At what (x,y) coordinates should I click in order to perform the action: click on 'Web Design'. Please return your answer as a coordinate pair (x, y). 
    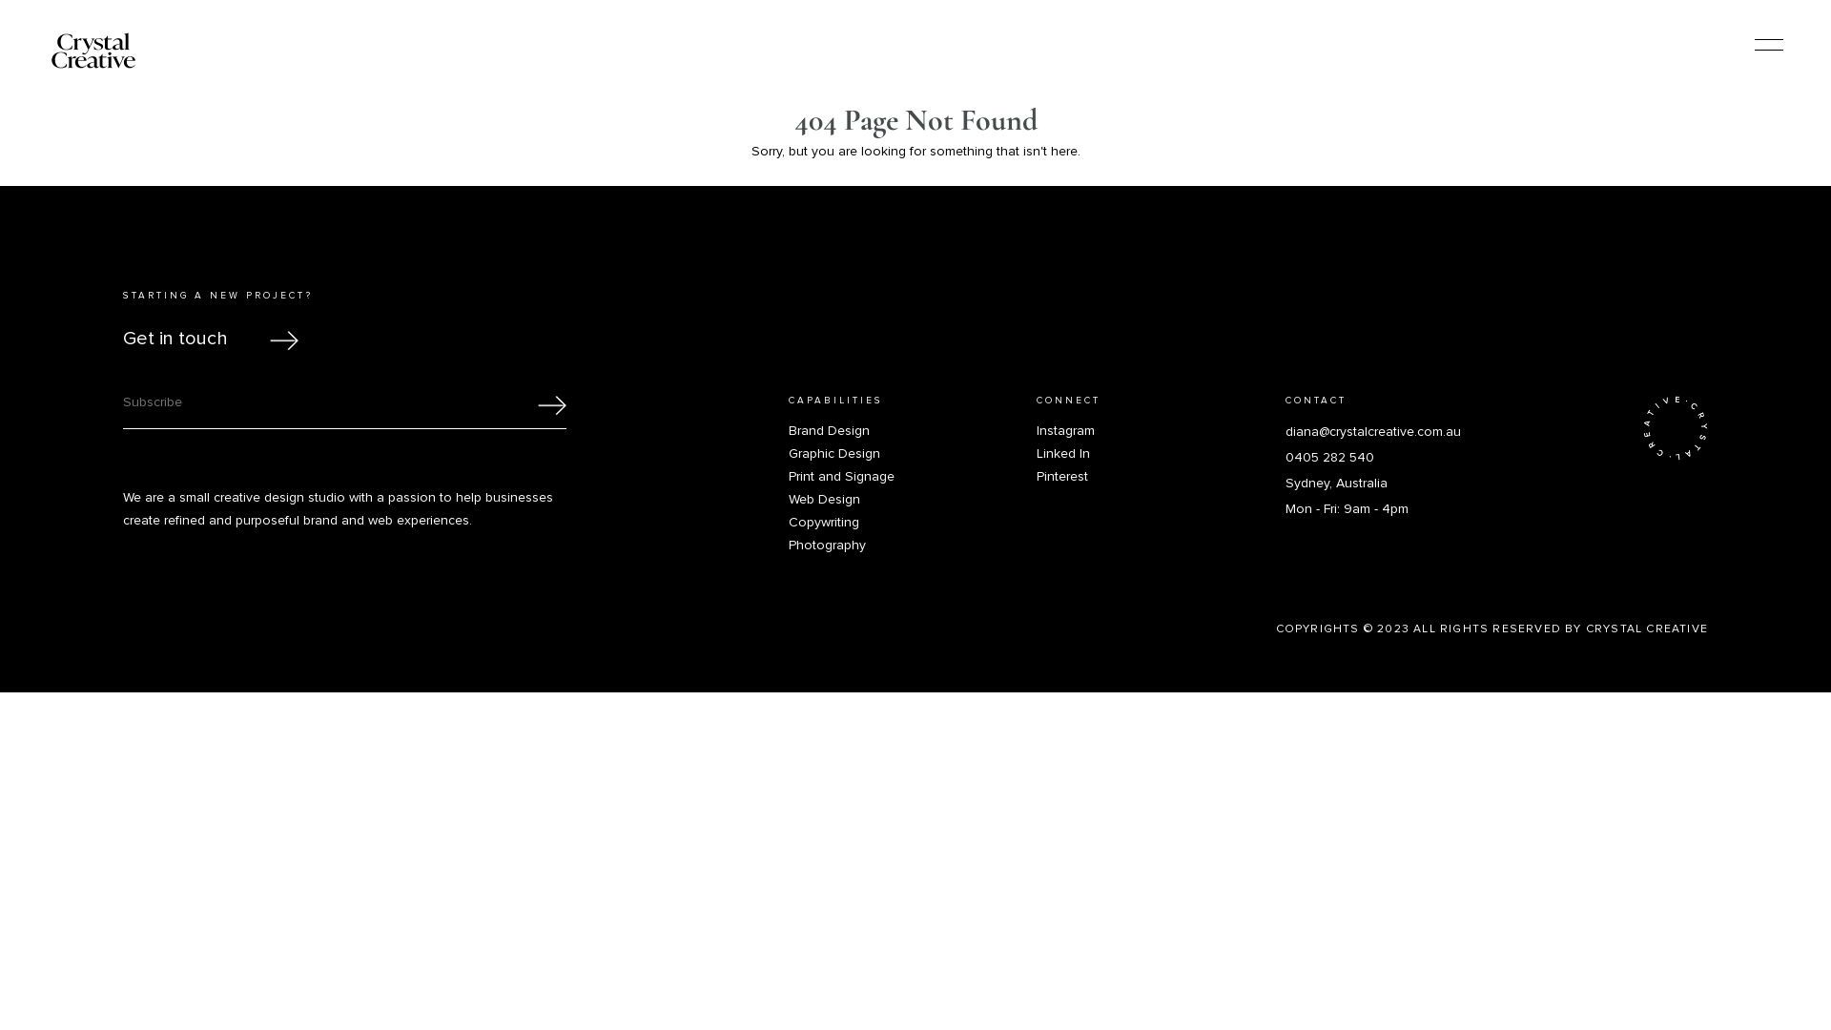
    Looking at the image, I should click on (788, 499).